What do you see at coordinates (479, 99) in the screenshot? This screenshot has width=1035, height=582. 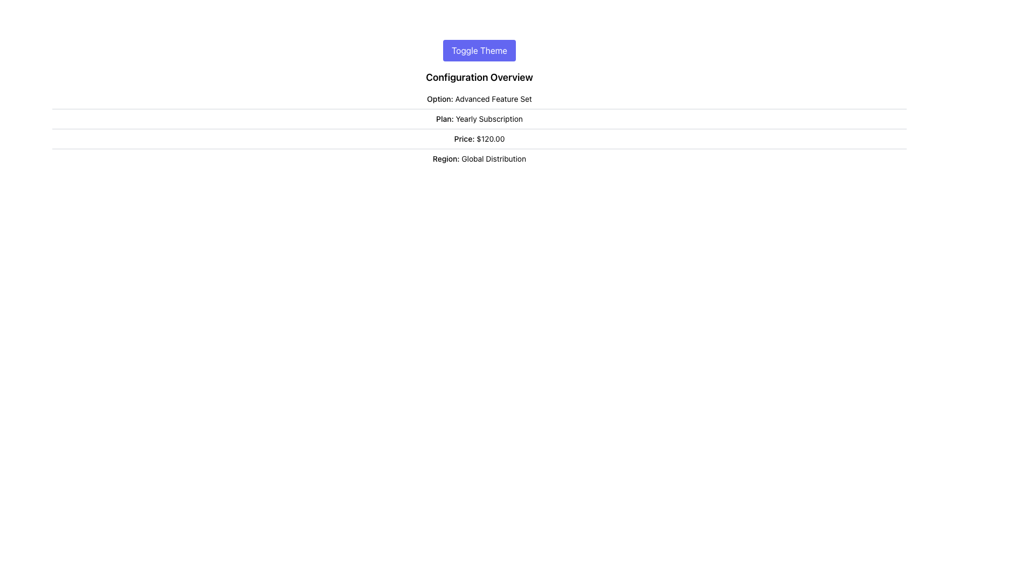 I see `the static text label that contains the string 'Option: Advanced Feature Set', which is styled with a small font size and bold emphasis on the word 'Option:'. This label is located at the topmost row of the 'Configuration Overview' layout, beneath the 'Toggle Theme' button` at bounding box center [479, 99].